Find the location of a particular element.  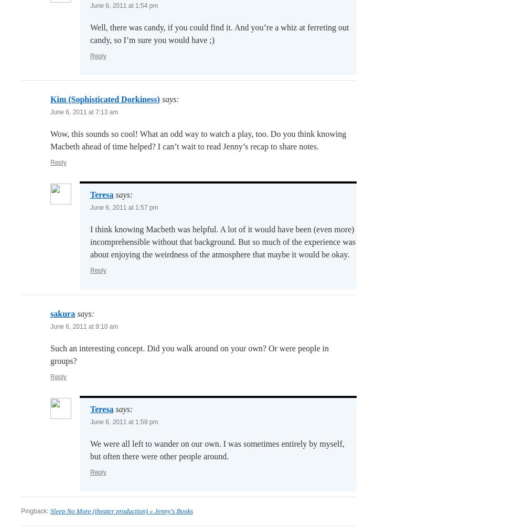

'Wow, this sounds so cool! What an odd way to watch a play, too. Do you think knowing Macbeth ahead of time helped? I can’t wait to read Jenny’s recap to share notes.' is located at coordinates (50, 140).